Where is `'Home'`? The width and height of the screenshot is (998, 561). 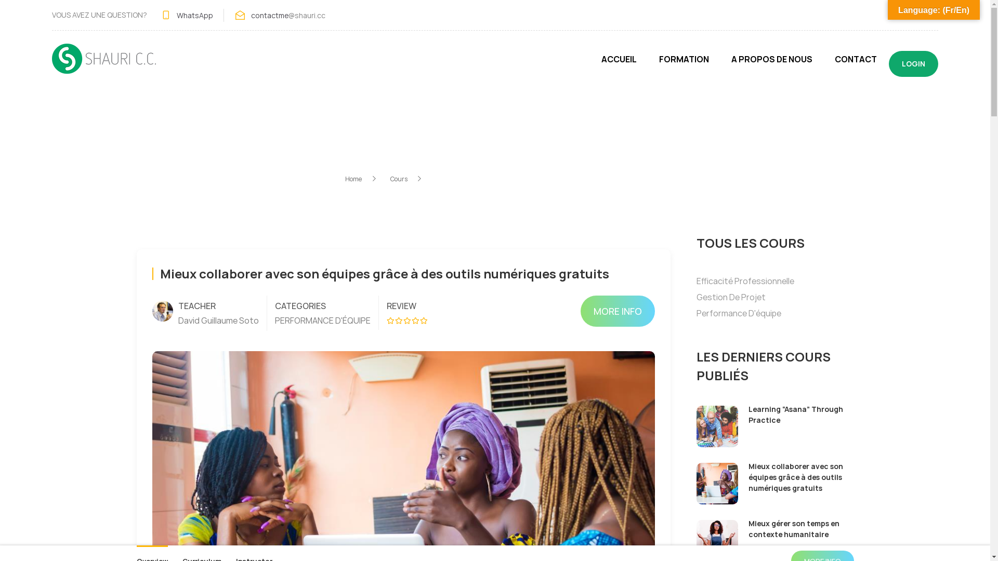
'Home' is located at coordinates (361, 178).